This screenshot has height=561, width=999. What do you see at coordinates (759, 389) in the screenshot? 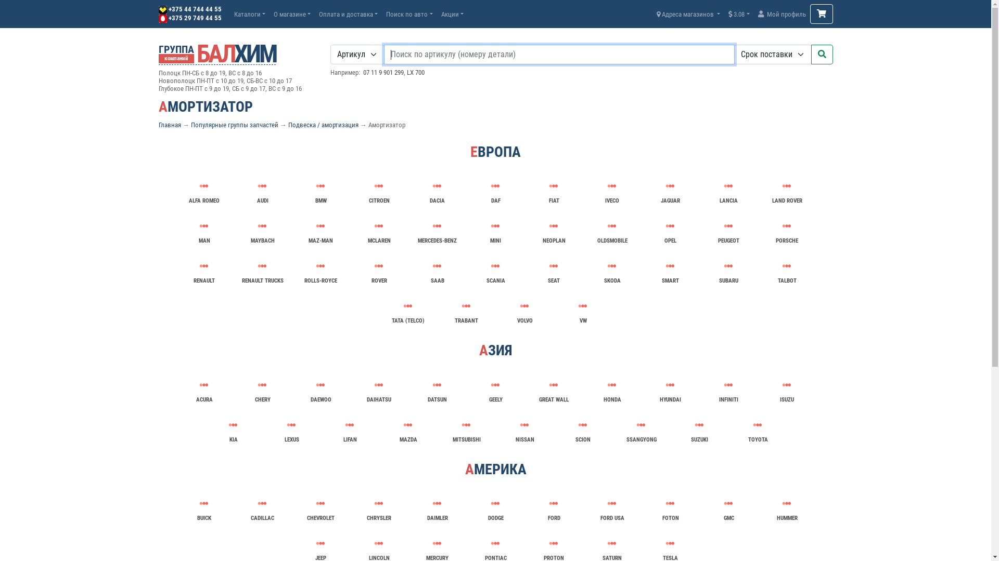
I see `'ISUZU'` at bounding box center [759, 389].